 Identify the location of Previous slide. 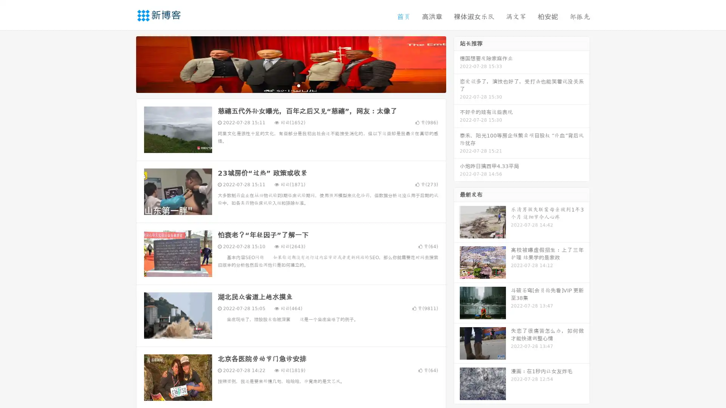
(125, 63).